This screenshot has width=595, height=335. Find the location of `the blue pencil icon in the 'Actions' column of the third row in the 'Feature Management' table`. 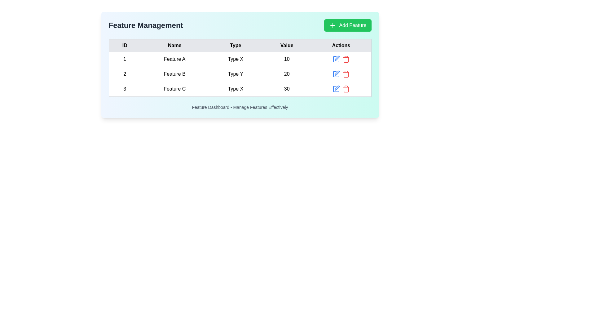

the blue pencil icon in the 'Actions' column of the third row in the 'Feature Management' table is located at coordinates (341, 89).